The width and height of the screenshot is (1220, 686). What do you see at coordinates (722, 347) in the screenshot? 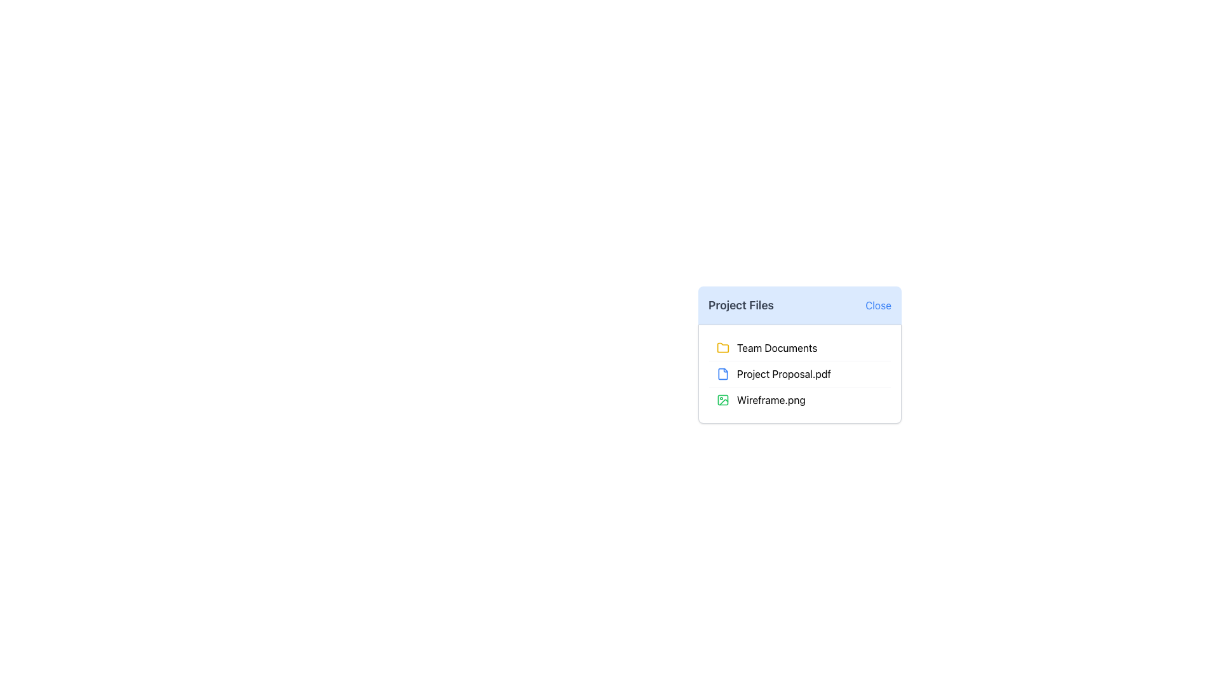
I see `the folder icon styled as a golden yellow folder, which is the first element in the list labeled 'Team Documents' located within the 'Project Files' panel` at bounding box center [722, 347].